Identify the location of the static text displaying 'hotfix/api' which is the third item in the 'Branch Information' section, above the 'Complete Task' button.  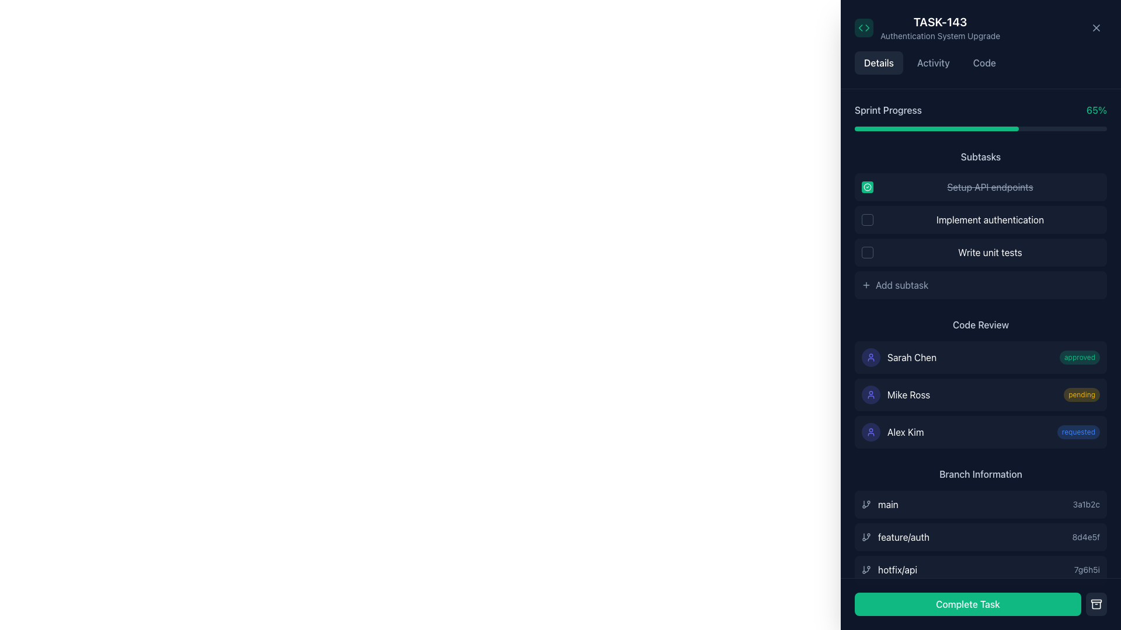
(897, 569).